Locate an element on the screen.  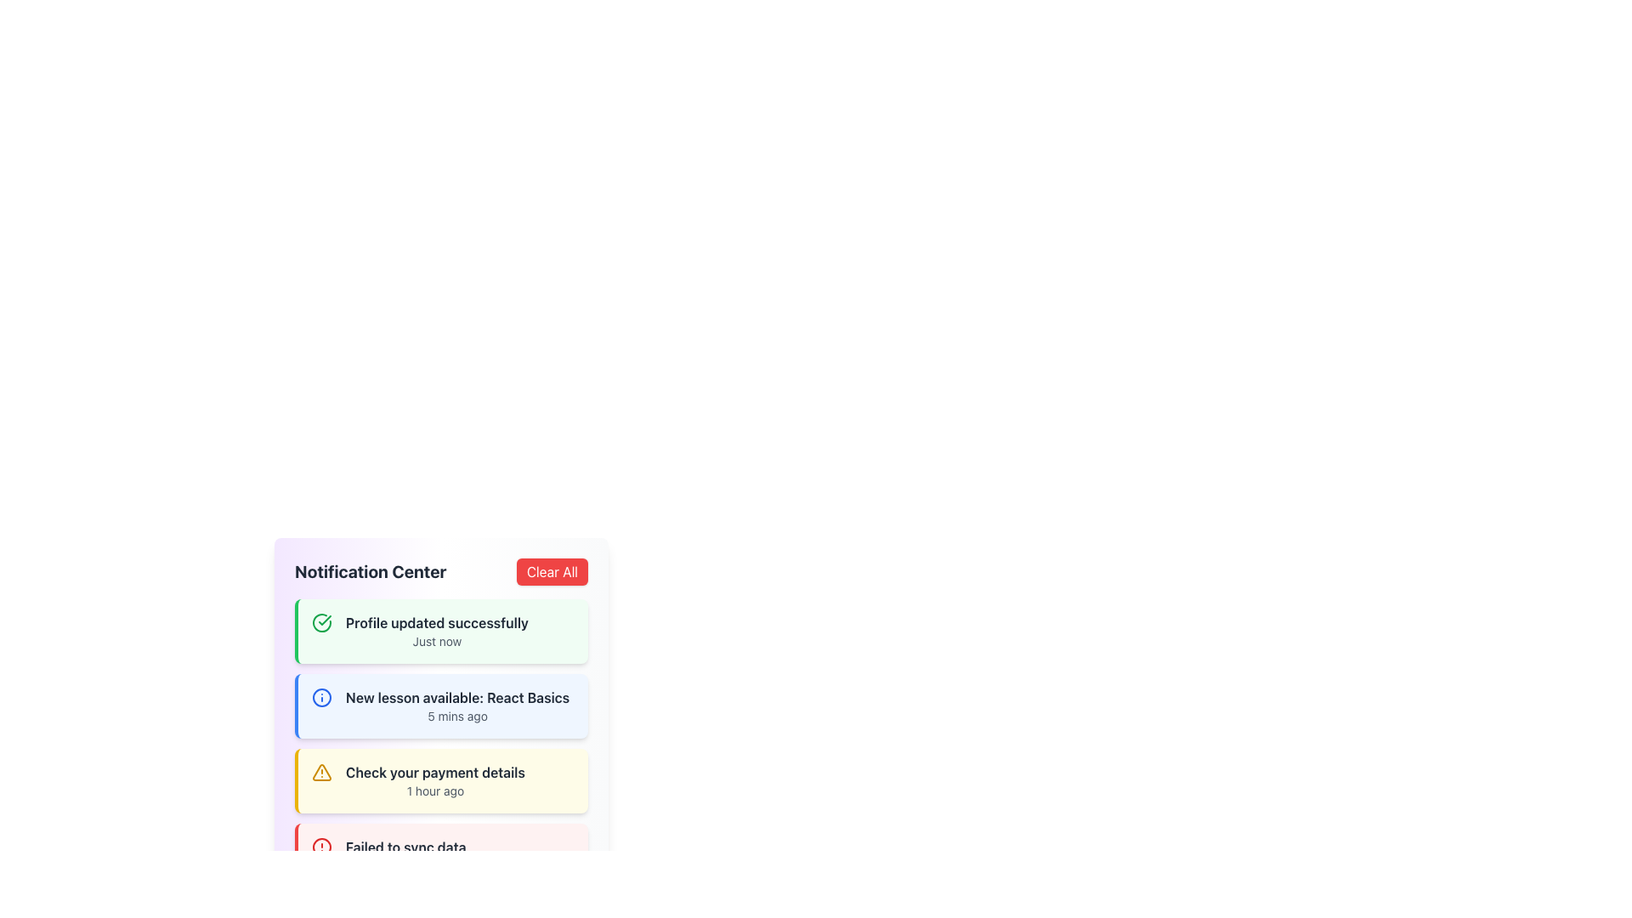
the 'Notification Center' label, which is a bold text element in a large dark gray font located at the top of the notification interface is located at coordinates (370, 571).